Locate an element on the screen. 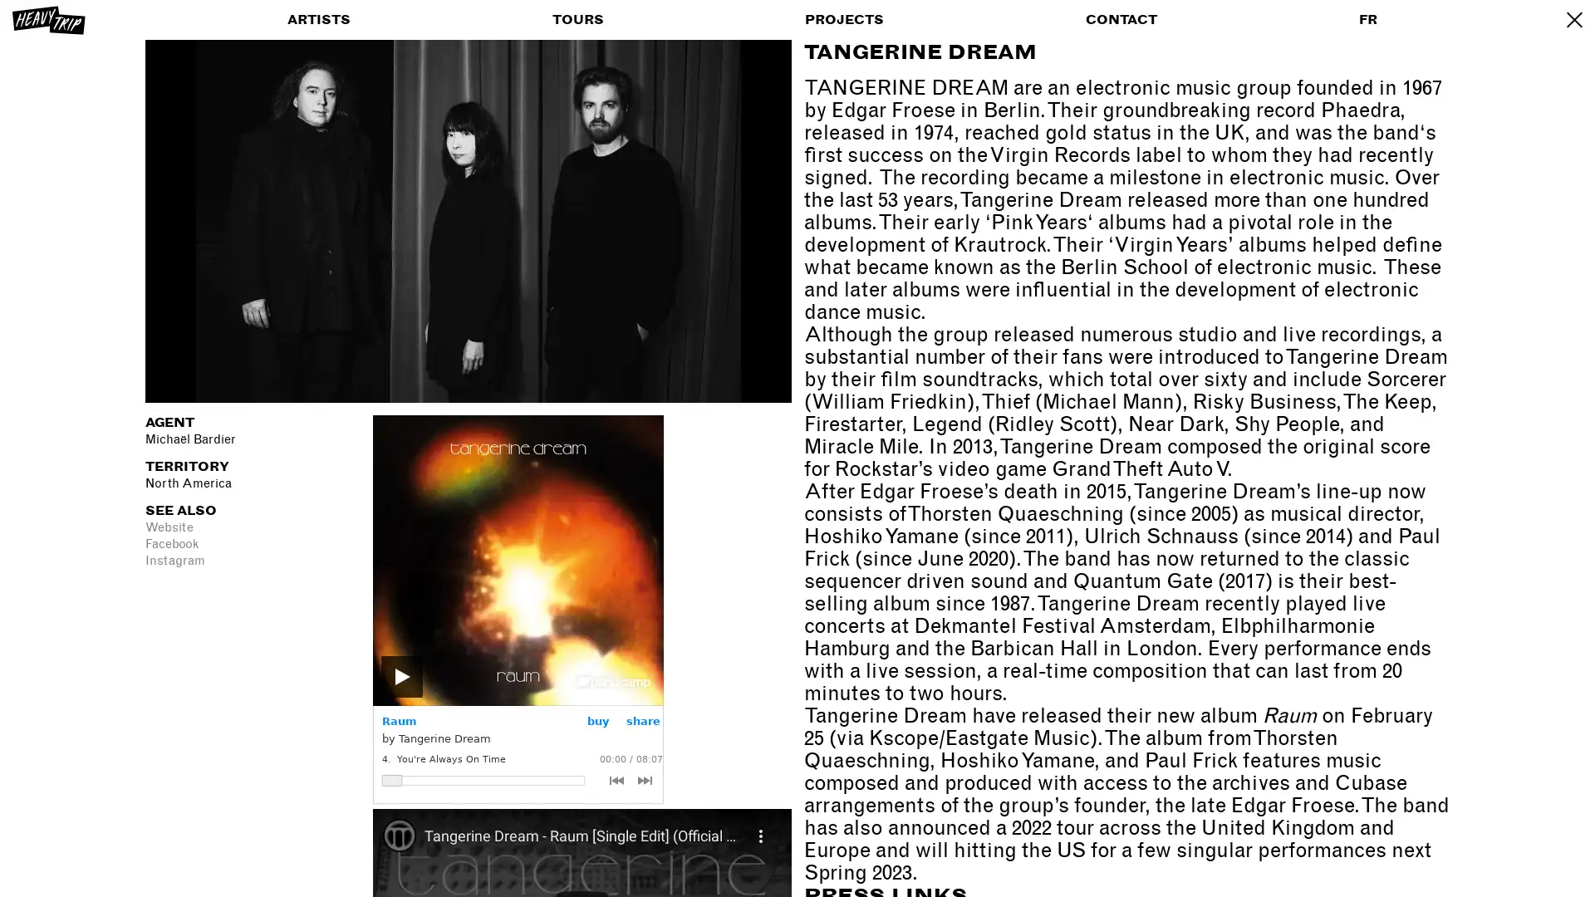 The image size is (1595, 897). Go Back is located at coordinates (1573, 19).